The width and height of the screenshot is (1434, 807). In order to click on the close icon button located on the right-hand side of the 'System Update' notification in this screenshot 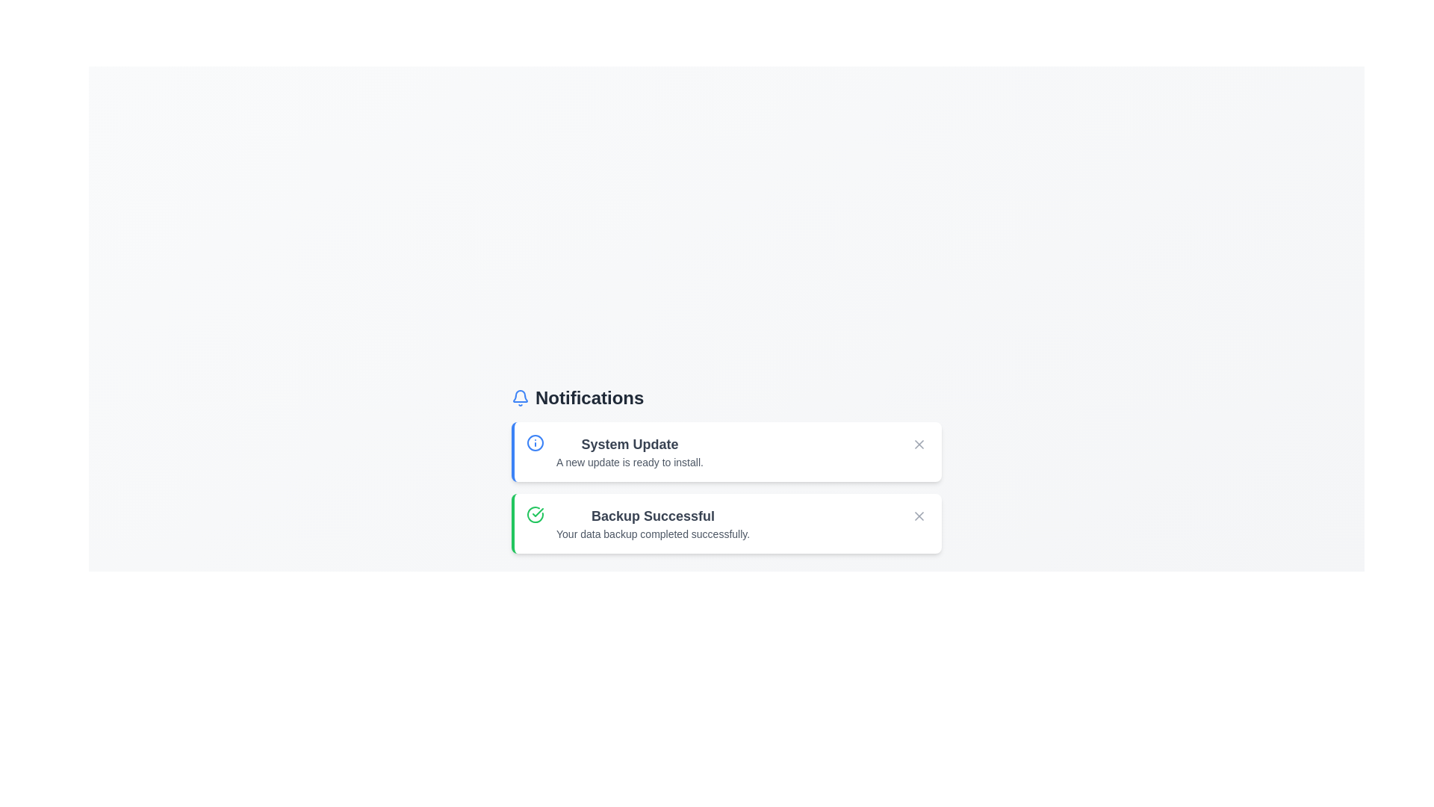, I will do `click(918, 443)`.